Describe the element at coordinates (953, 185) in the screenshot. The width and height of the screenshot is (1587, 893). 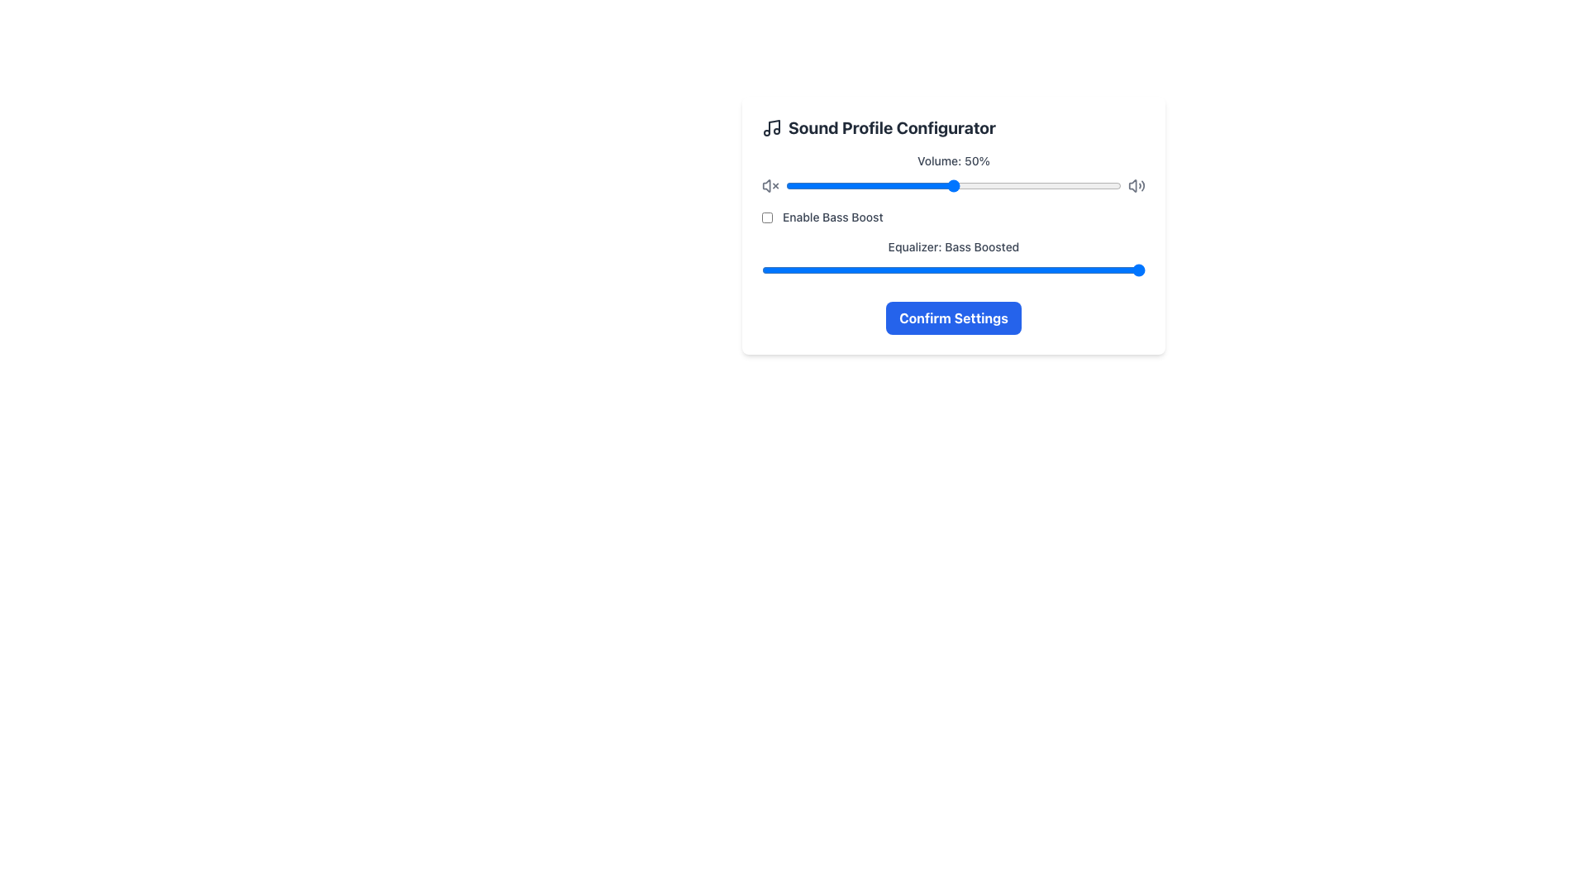
I see `the horizontal slider labeled 'Volume: 50%'` at that location.